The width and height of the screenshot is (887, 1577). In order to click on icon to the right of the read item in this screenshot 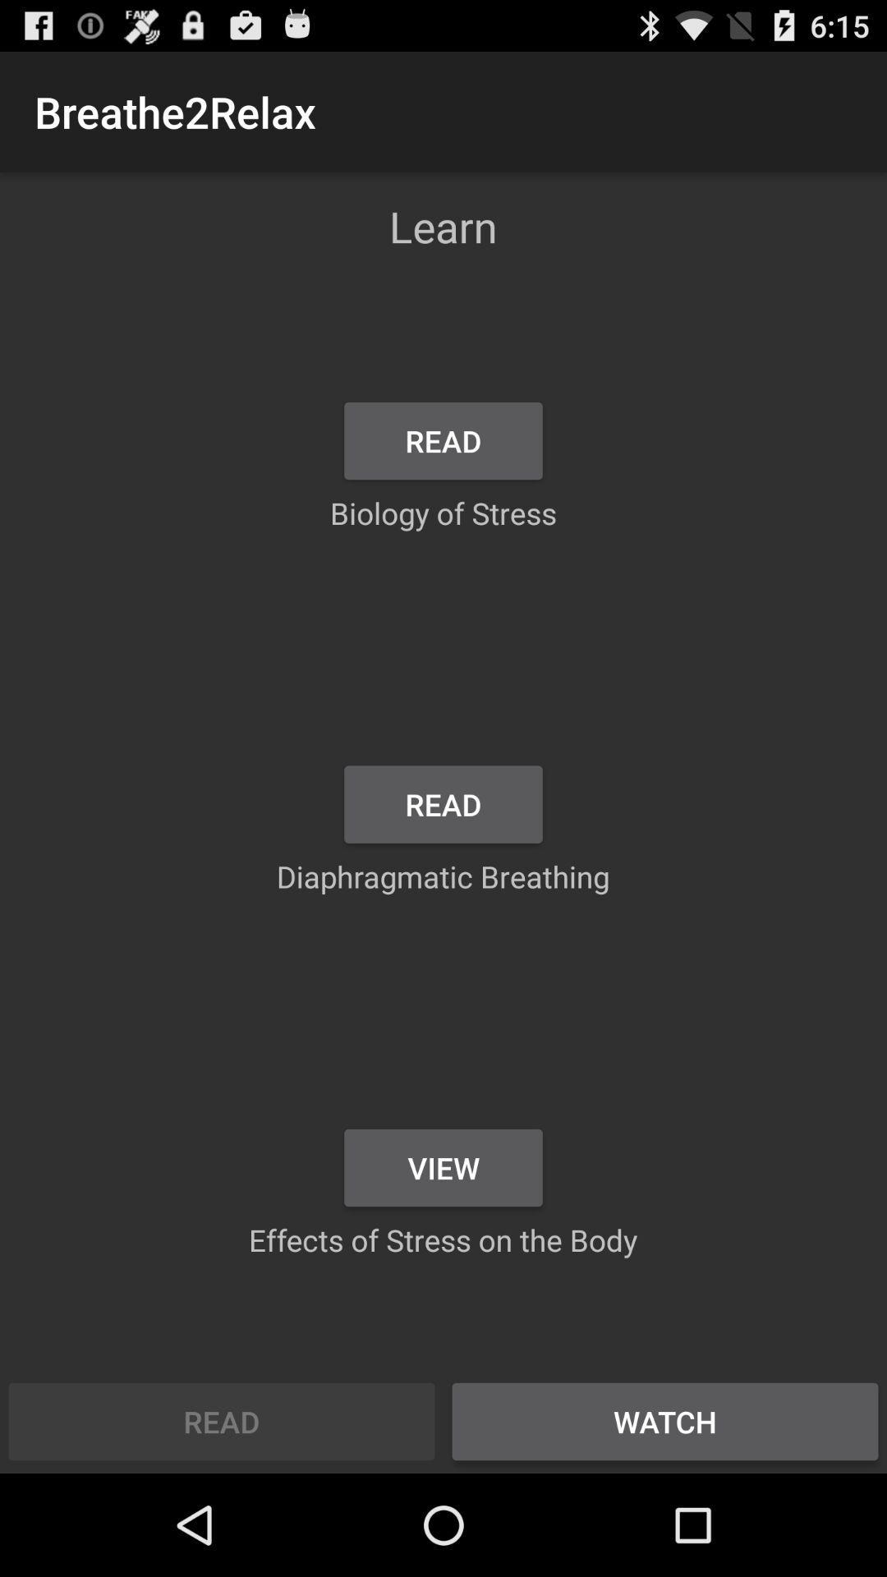, I will do `click(665, 1421)`.